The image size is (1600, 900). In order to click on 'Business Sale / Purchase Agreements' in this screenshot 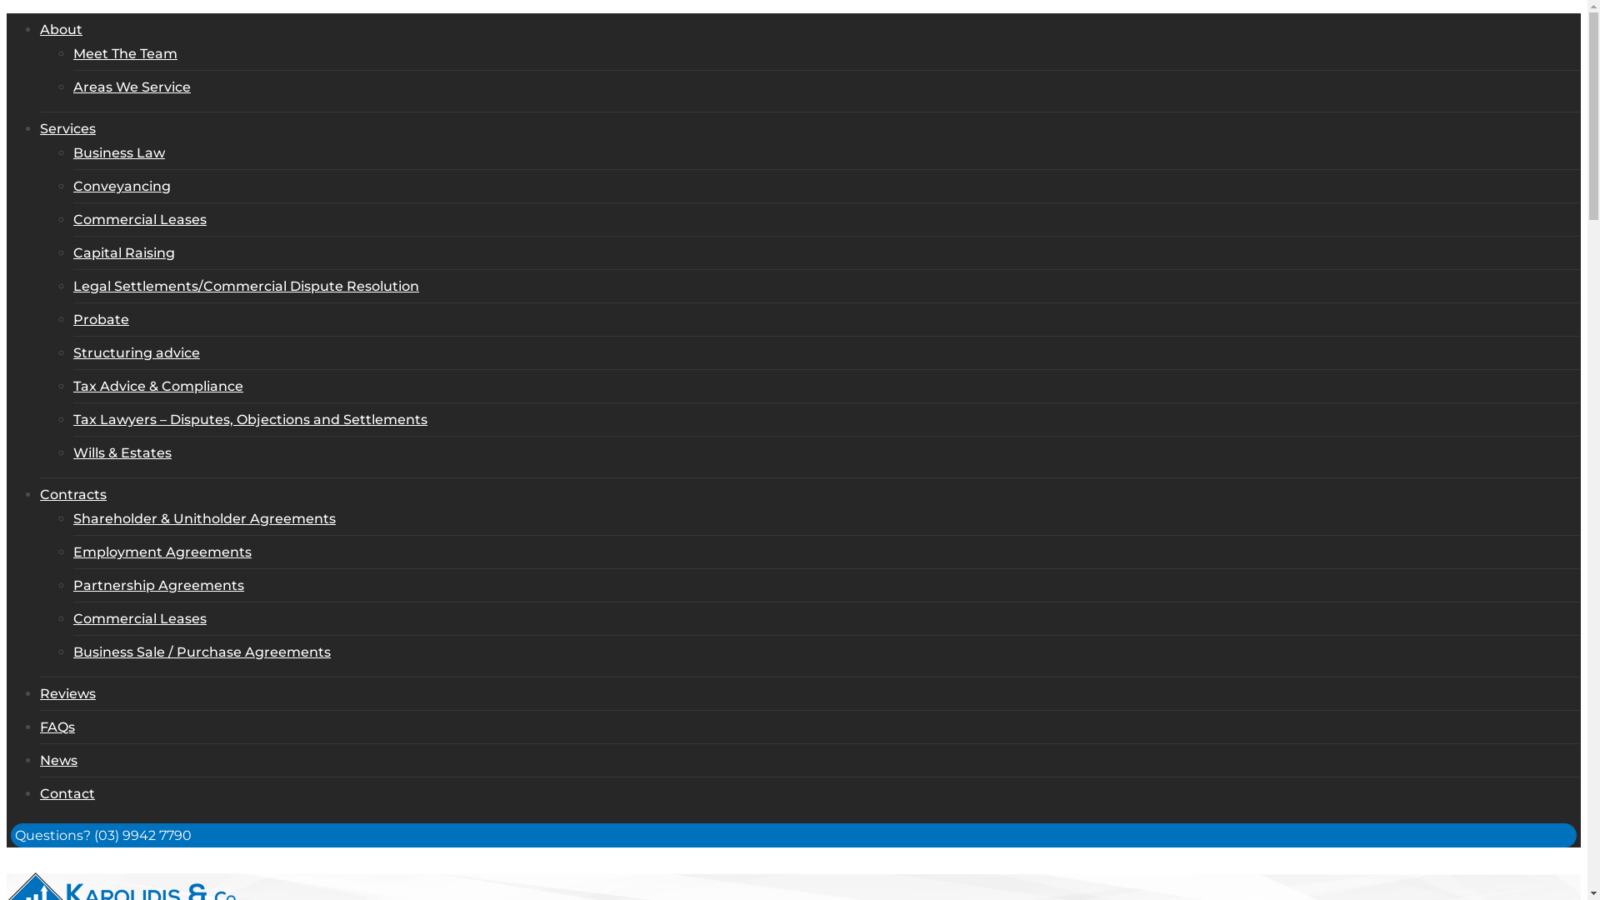, I will do `click(201, 651)`.